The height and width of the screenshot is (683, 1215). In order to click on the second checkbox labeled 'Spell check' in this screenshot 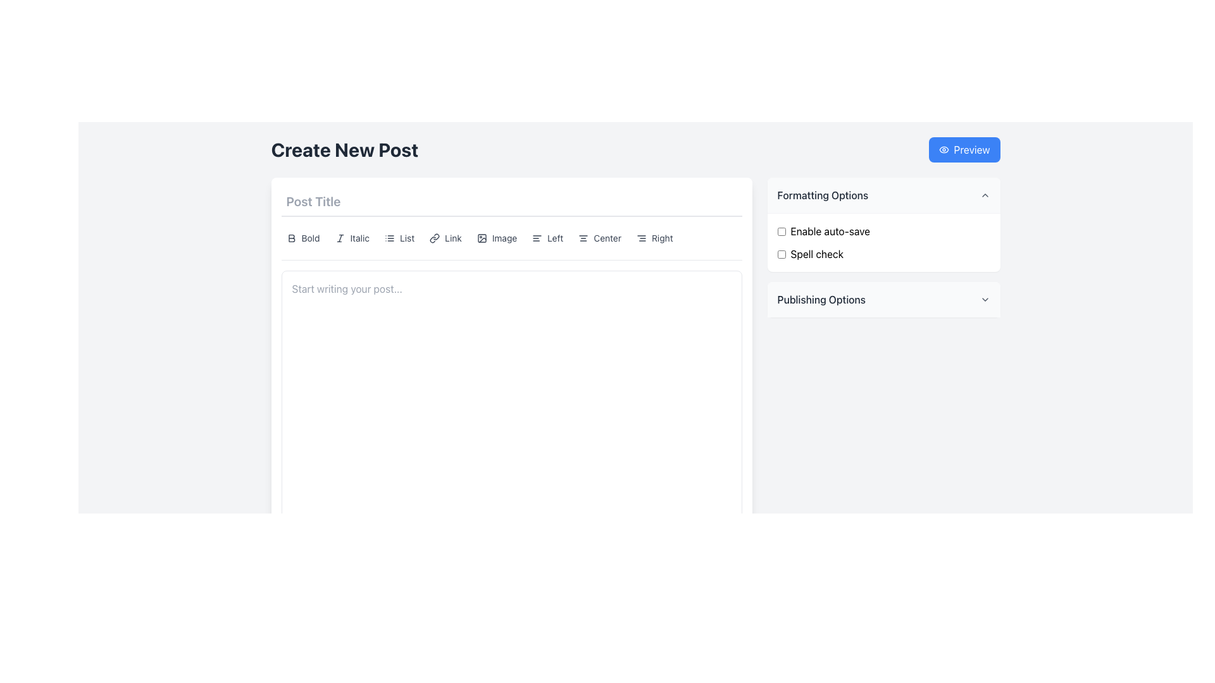, I will do `click(883, 243)`.